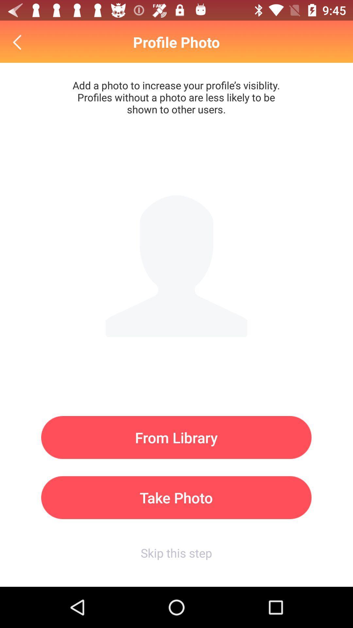 Image resolution: width=353 pixels, height=628 pixels. I want to click on the icon next to the profile photo item, so click(18, 42).